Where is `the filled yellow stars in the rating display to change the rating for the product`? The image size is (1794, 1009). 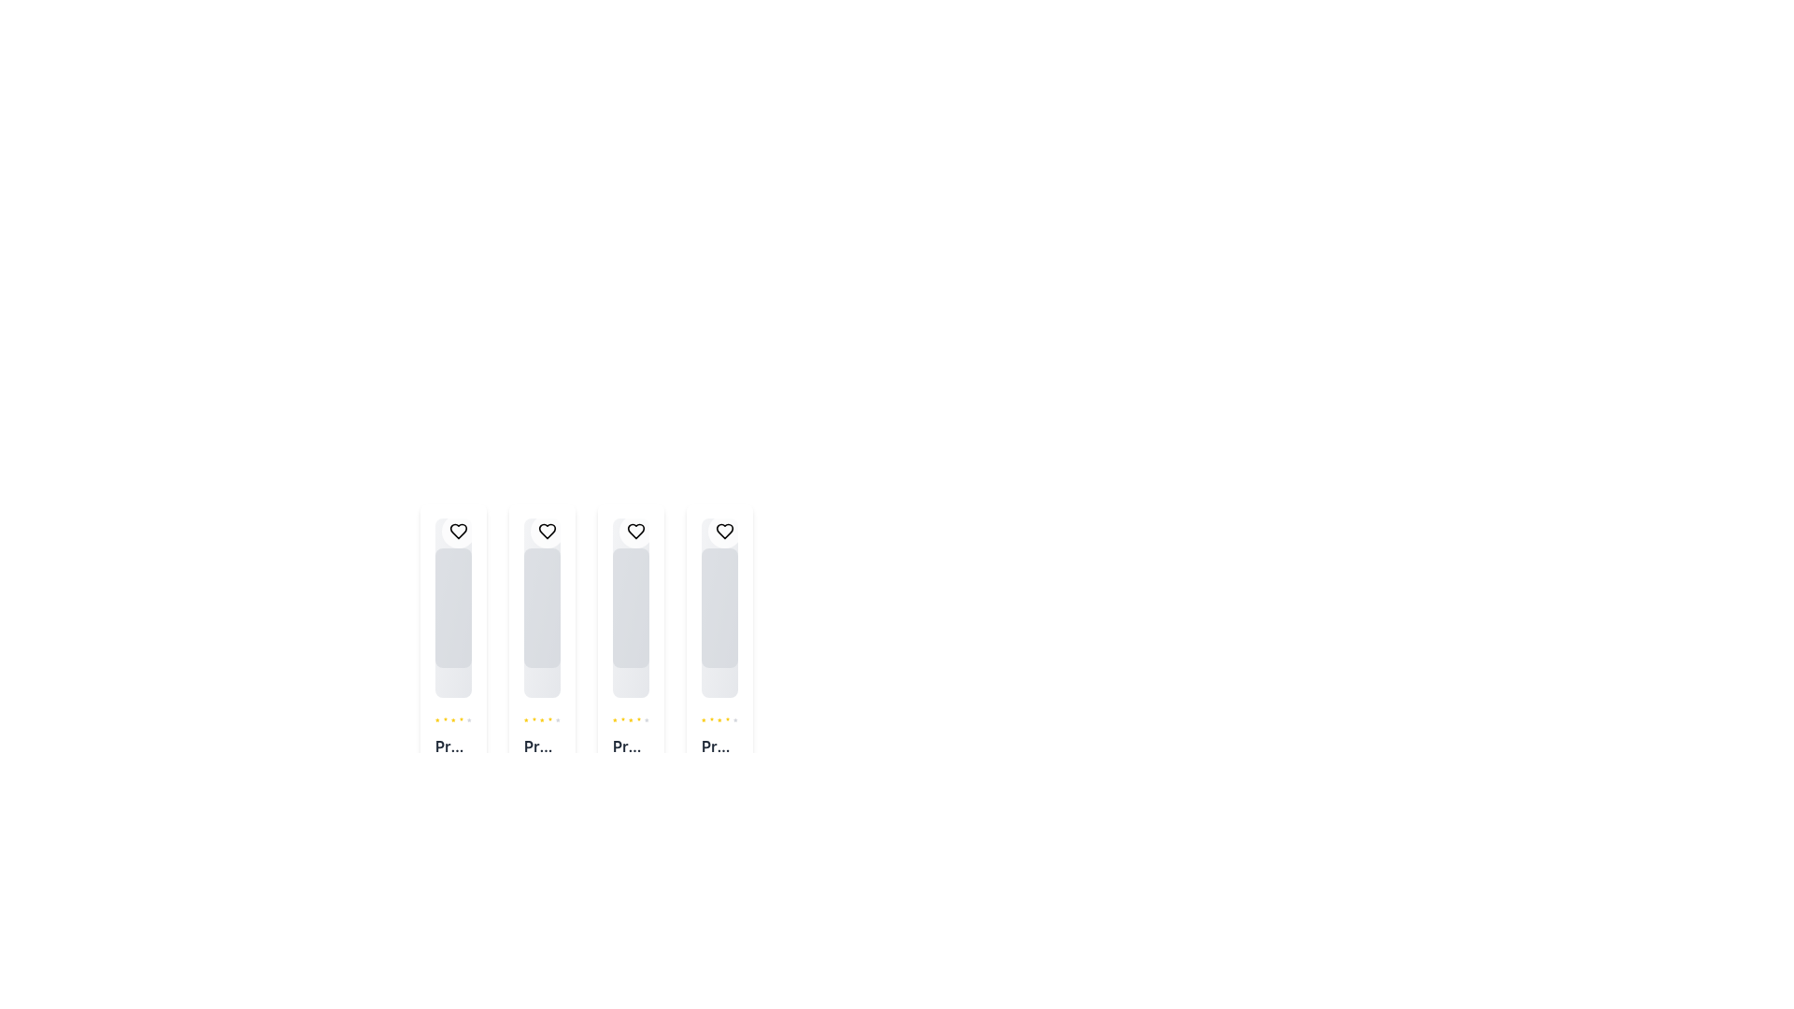
the filled yellow stars in the rating display to change the rating for the product is located at coordinates (541, 719).